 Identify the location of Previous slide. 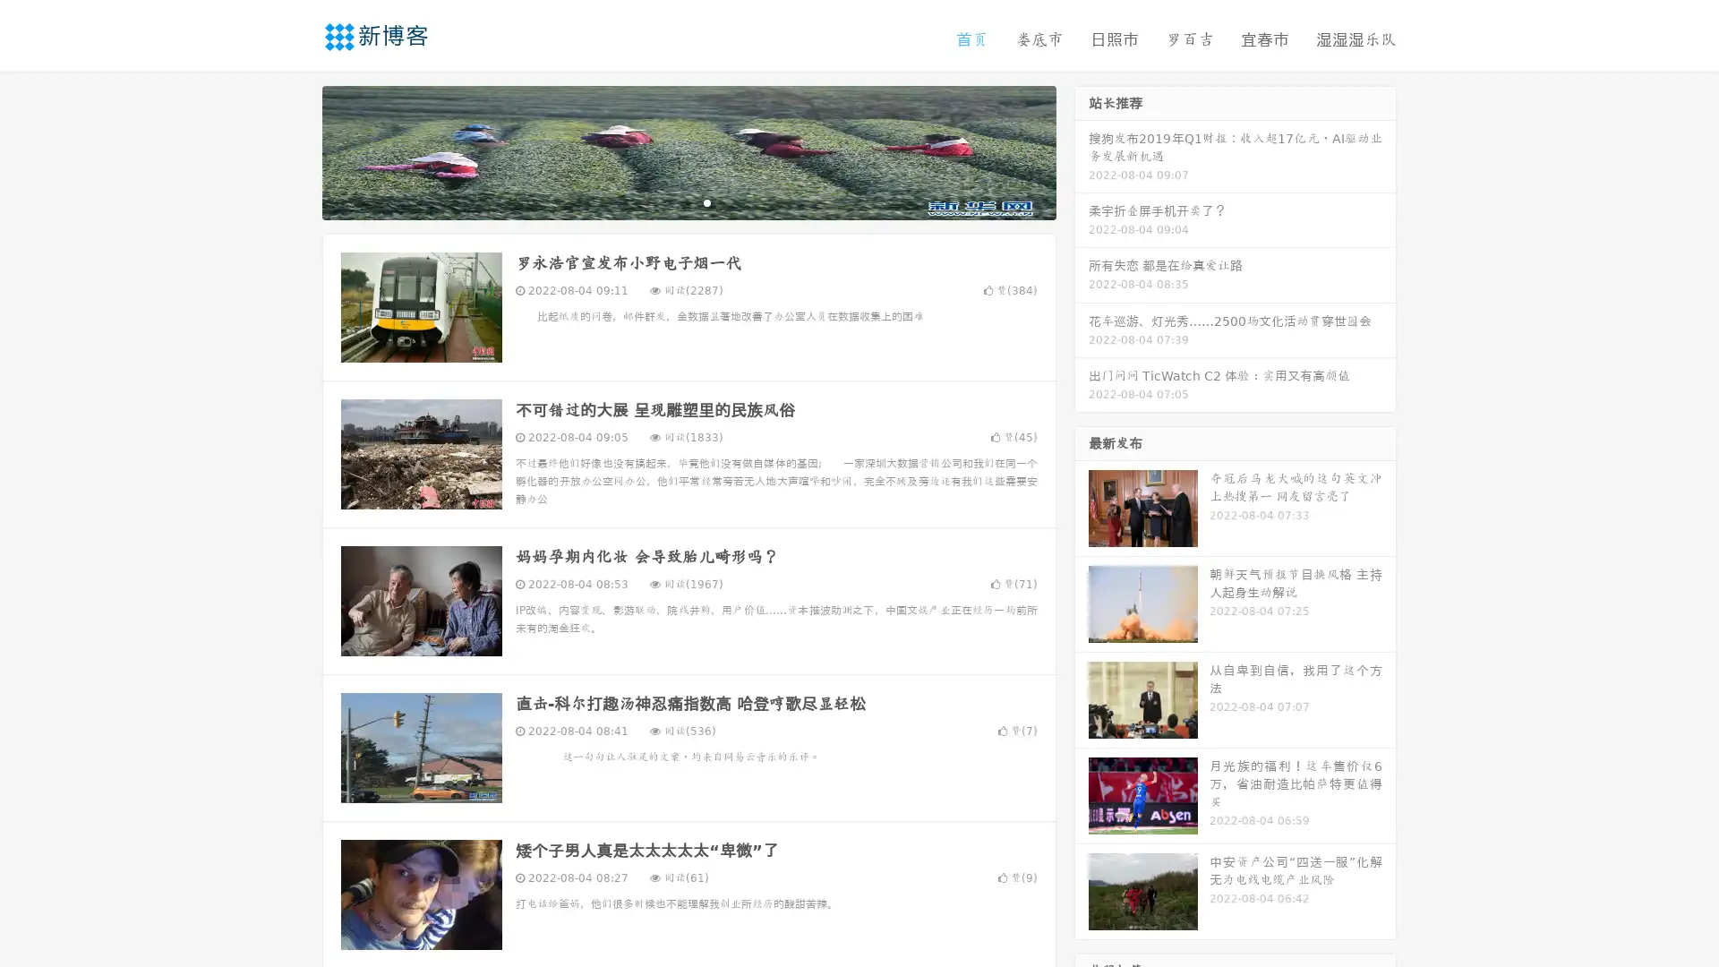
(295, 150).